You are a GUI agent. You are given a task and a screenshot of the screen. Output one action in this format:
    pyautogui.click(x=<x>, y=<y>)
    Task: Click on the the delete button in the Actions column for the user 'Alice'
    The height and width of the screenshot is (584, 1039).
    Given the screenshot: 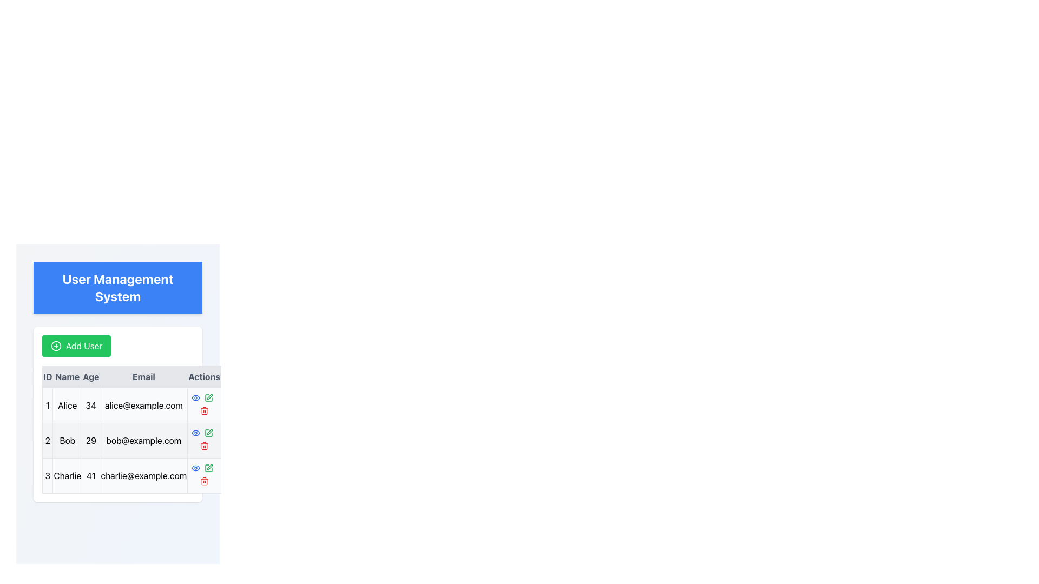 What is the action you would take?
    pyautogui.click(x=204, y=405)
    